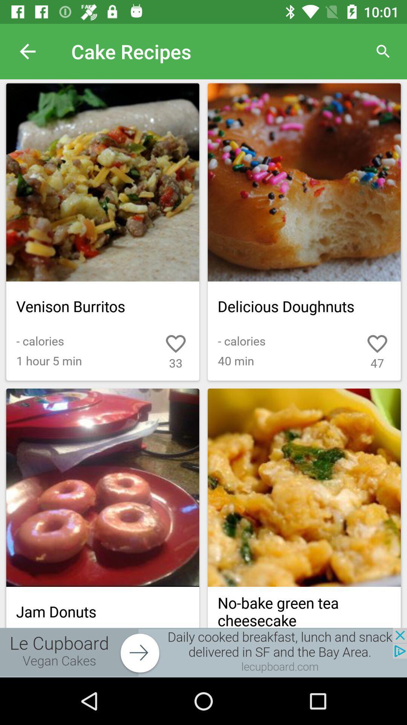  What do you see at coordinates (383, 51) in the screenshot?
I see `the search option on the top right` at bounding box center [383, 51].